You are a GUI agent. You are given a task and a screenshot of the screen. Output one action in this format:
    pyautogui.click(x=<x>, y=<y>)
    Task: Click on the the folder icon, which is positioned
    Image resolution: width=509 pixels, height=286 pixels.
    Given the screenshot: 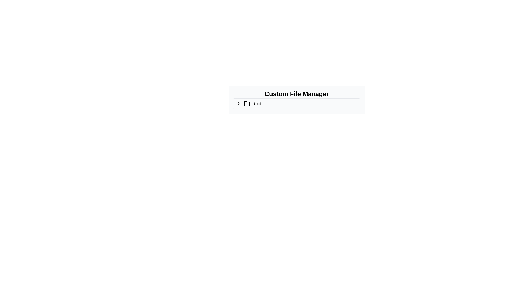 What is the action you would take?
    pyautogui.click(x=247, y=104)
    